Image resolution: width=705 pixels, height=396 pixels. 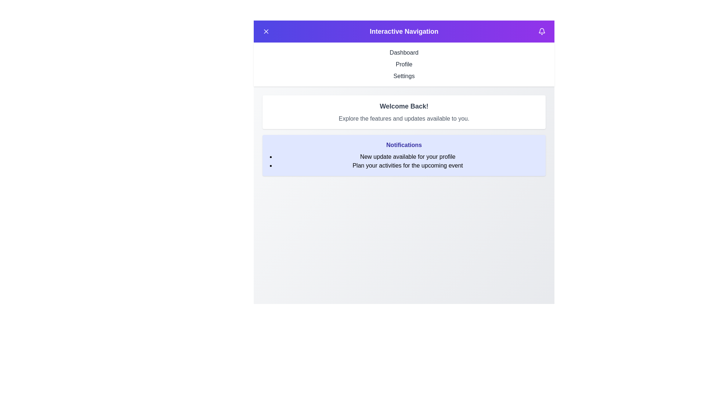 I want to click on the navigation menu item Profile, so click(x=404, y=64).